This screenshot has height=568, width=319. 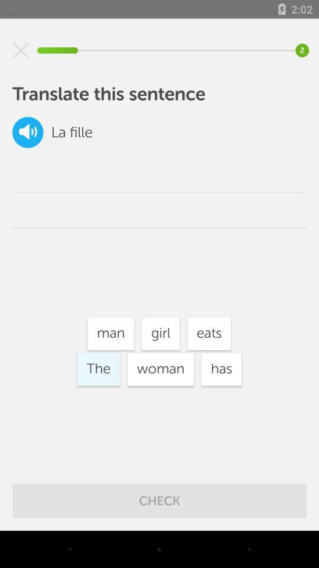 I want to click on the icon to the left of girl, so click(x=110, y=334).